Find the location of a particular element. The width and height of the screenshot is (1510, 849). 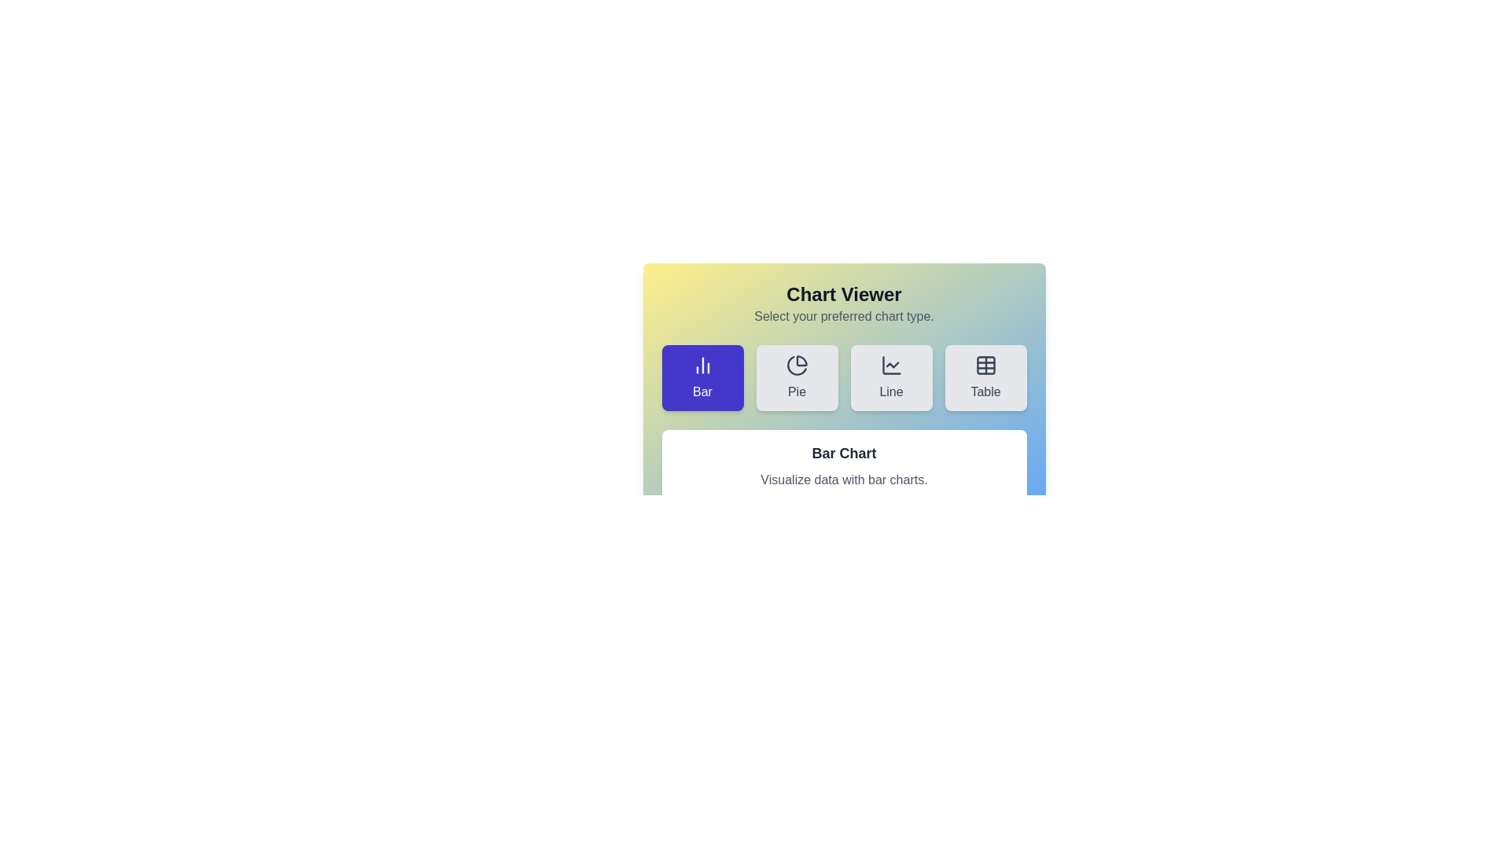

the line chart icon, which is the topmost graphic icon within the 'Line' option box, positioned between 'Pie' and 'Table' options is located at coordinates (891, 366).